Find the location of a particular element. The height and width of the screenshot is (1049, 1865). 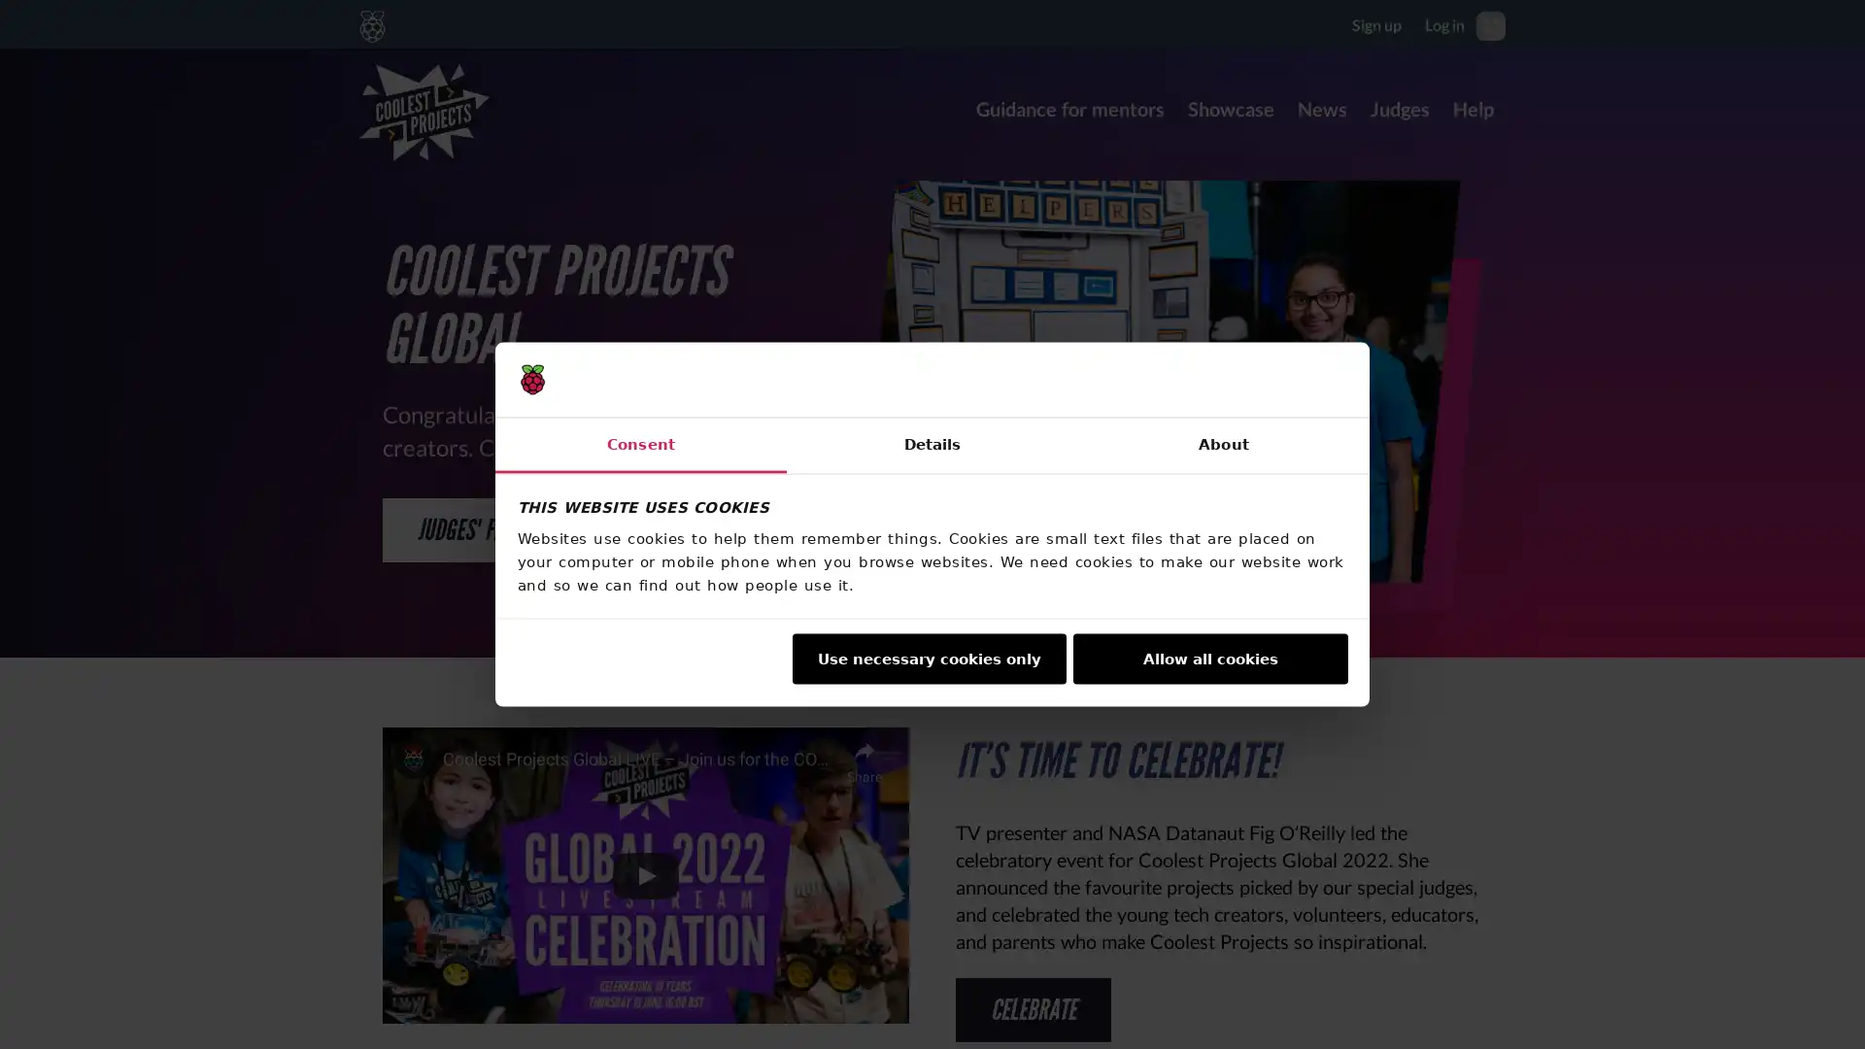

Allow all cookies is located at coordinates (1209, 658).